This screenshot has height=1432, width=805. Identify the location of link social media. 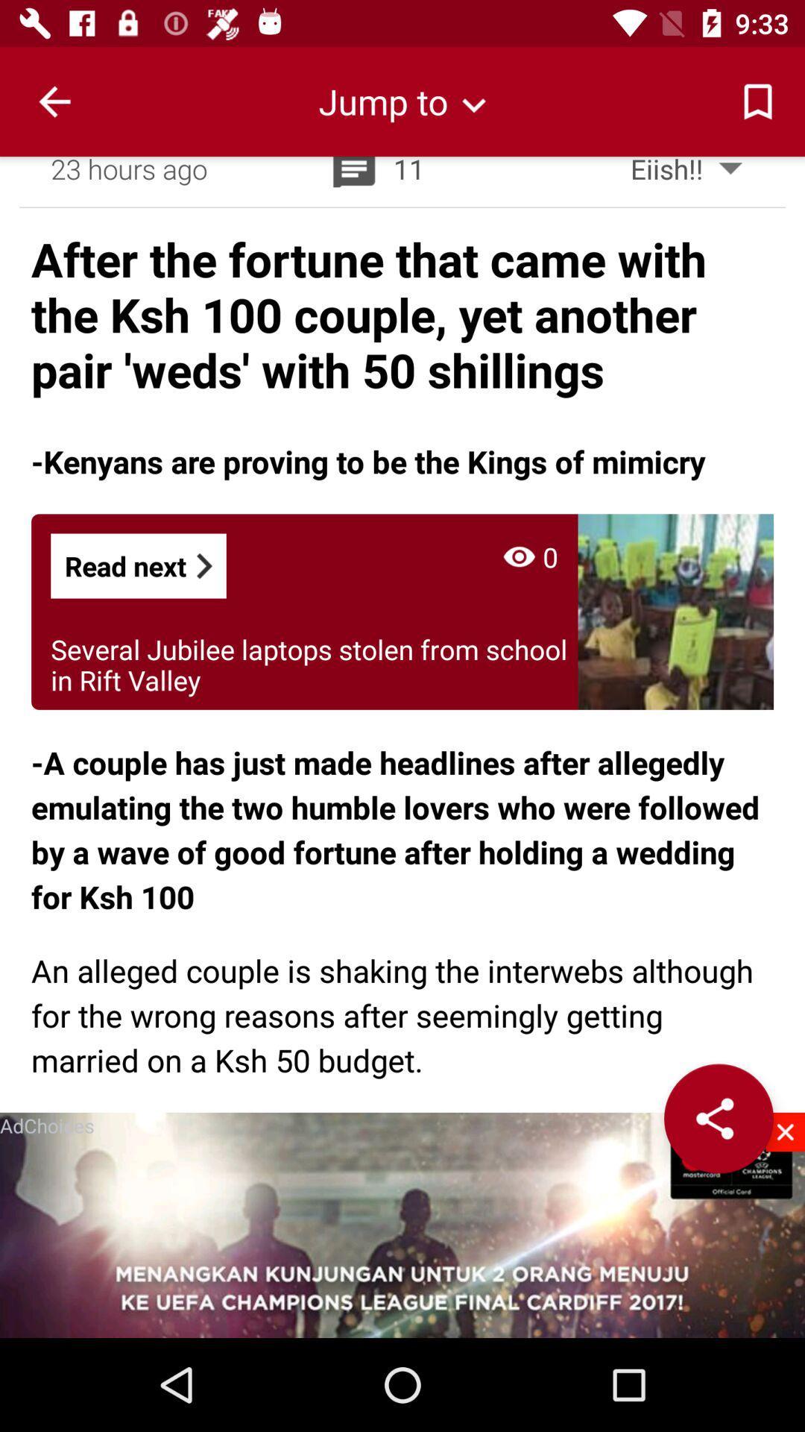
(718, 1118).